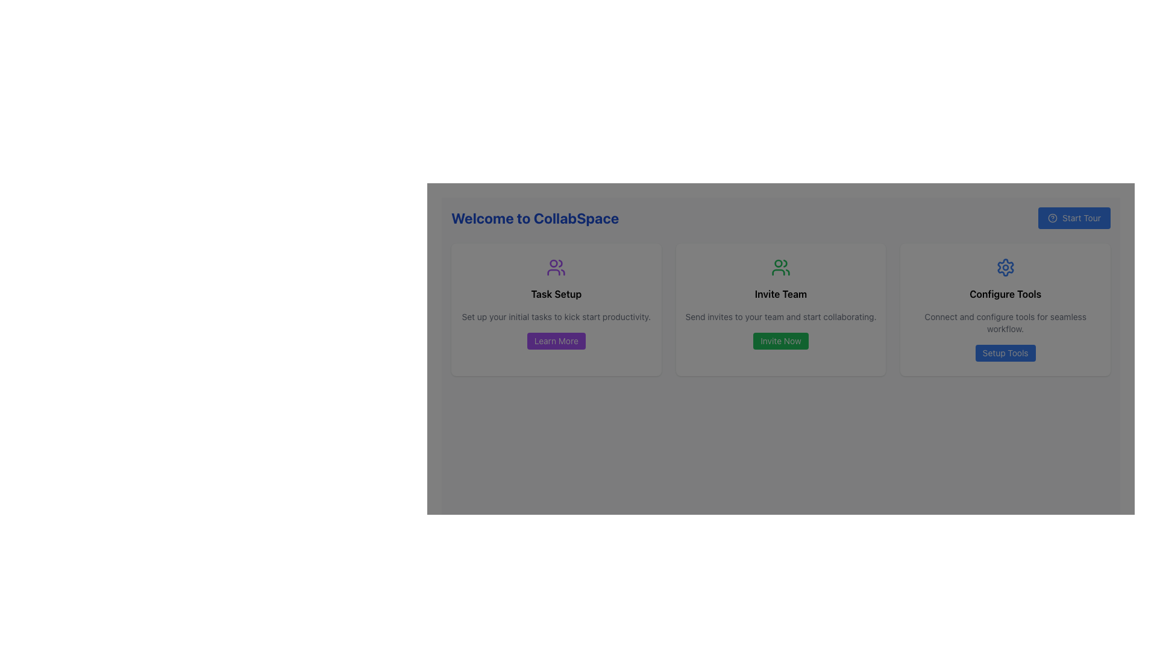 Image resolution: width=1157 pixels, height=651 pixels. I want to click on the static text label displaying the message 'Set up your initial tasks to kick start productivity.' located in the lower section of the 'Task Setup' box, so click(556, 316).